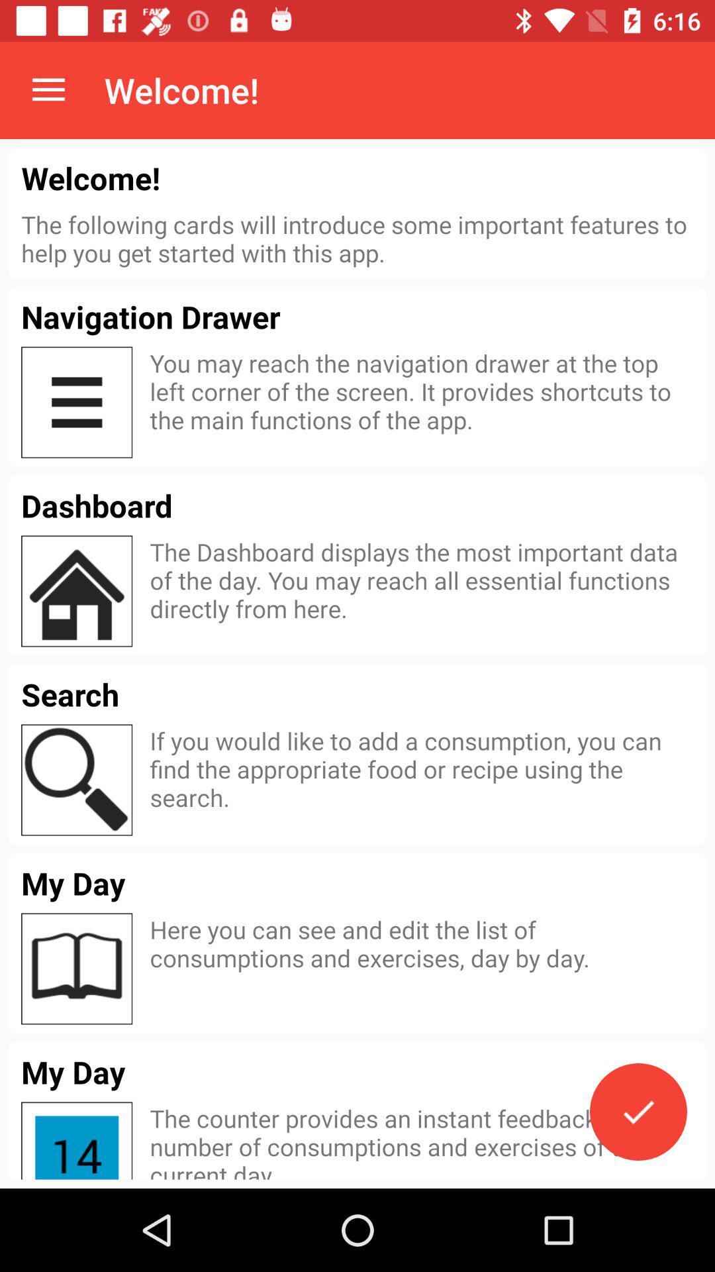  What do you see at coordinates (638, 1112) in the screenshot?
I see `the item below here you can` at bounding box center [638, 1112].